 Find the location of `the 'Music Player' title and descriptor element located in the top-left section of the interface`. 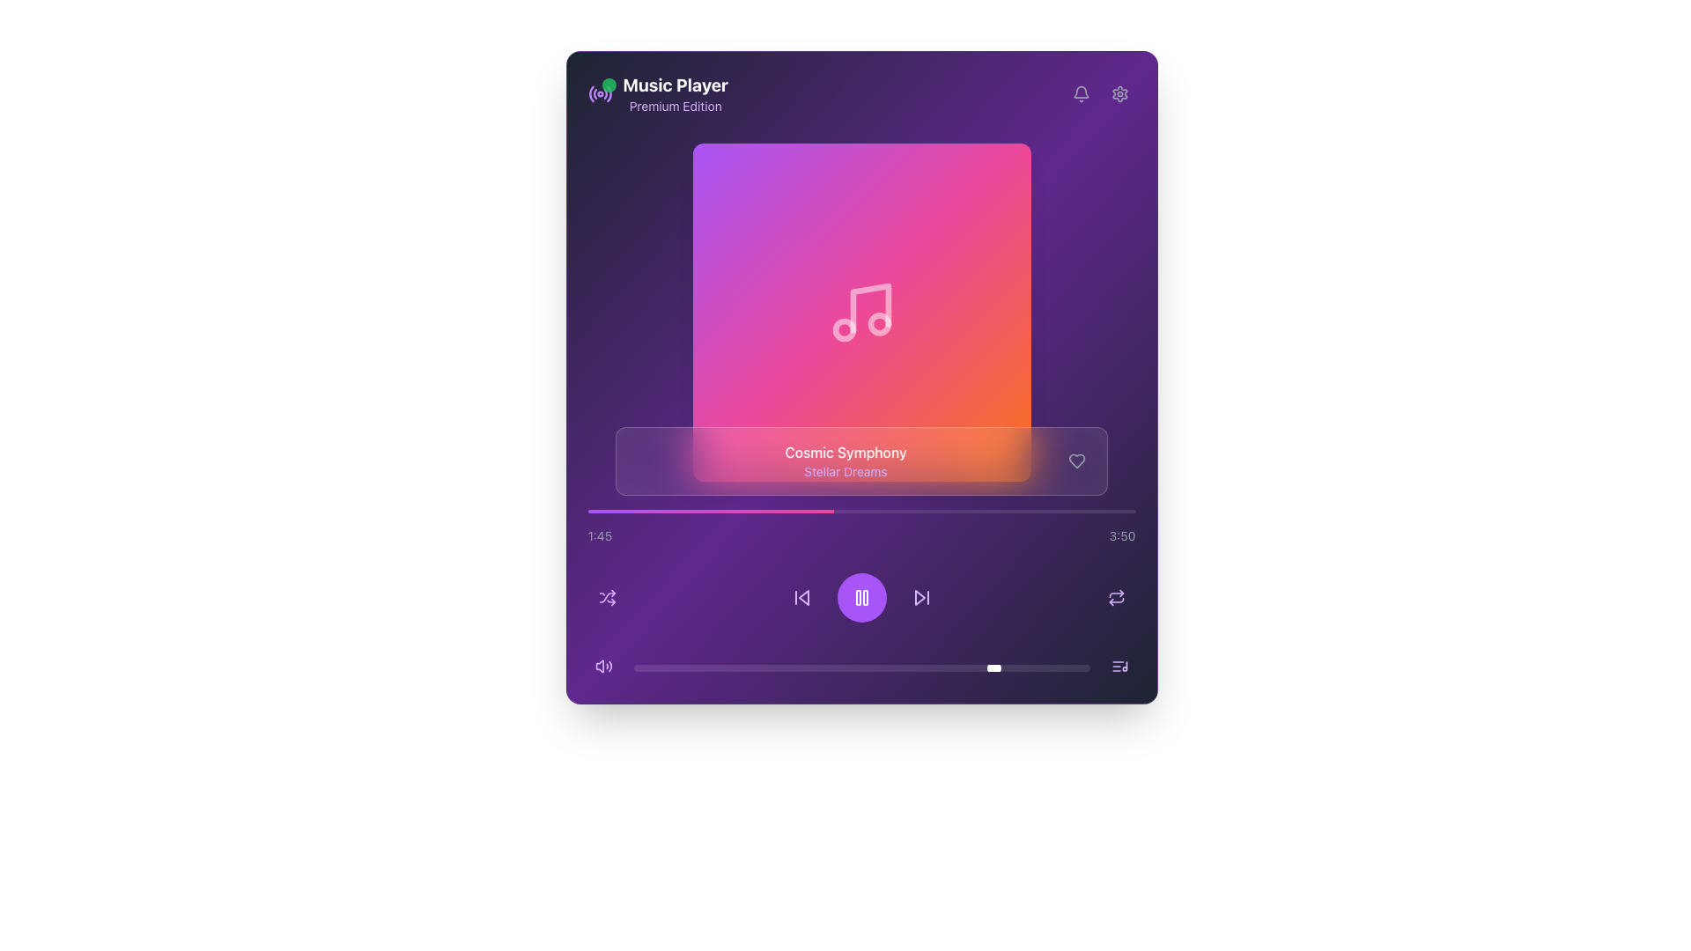

the 'Music Player' title and descriptor element located in the top-left section of the interface is located at coordinates (657, 94).